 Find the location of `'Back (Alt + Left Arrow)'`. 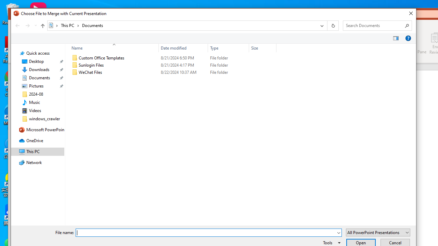

'Back (Alt + Left Arrow)' is located at coordinates (17, 25).